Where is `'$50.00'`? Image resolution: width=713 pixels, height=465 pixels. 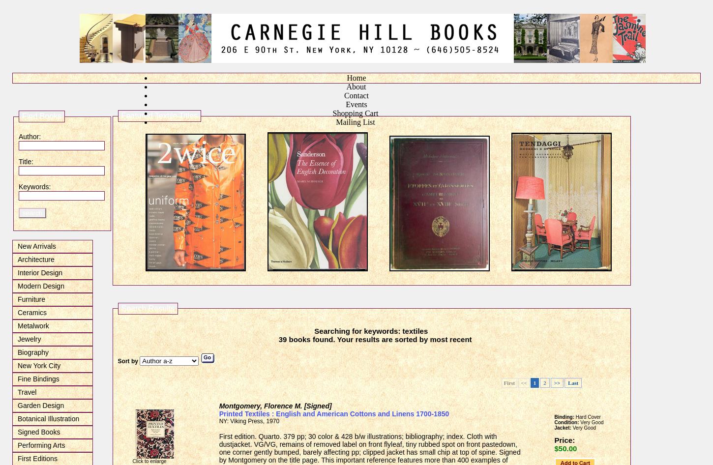
'$50.00' is located at coordinates (564, 448).